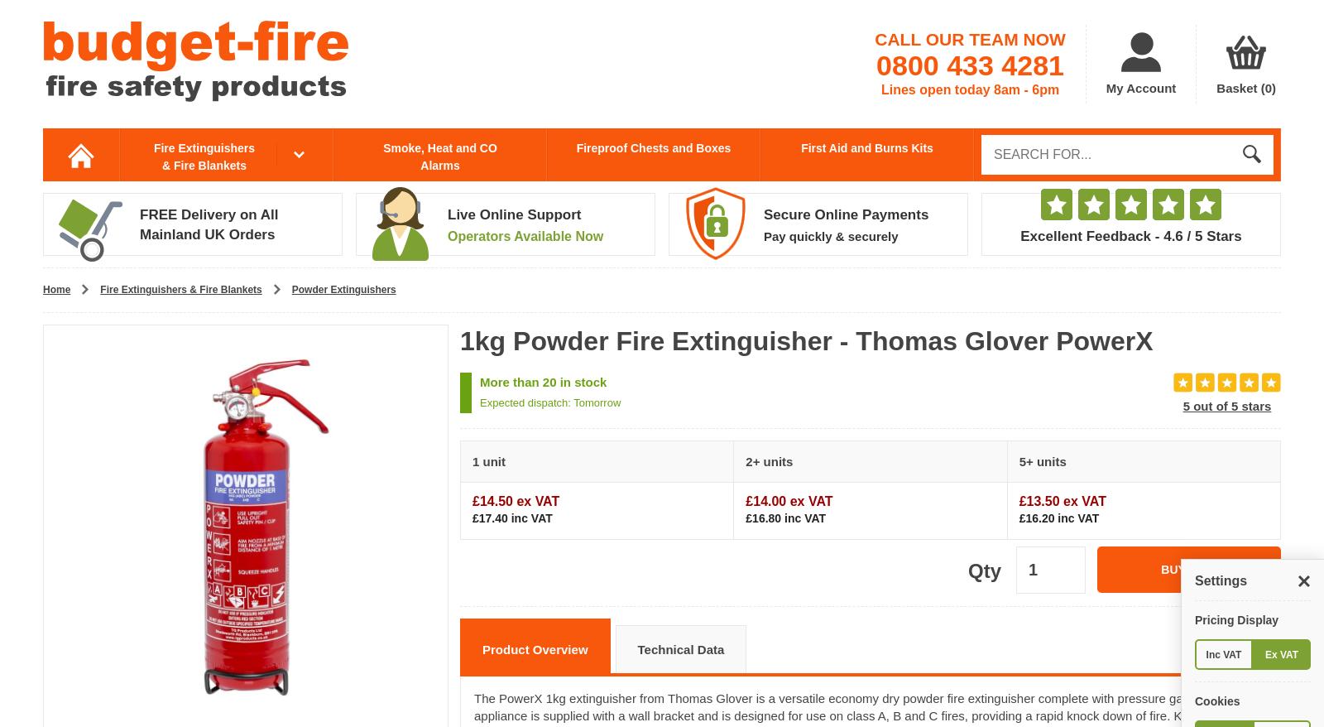 This screenshot has height=727, width=1324. I want to click on 'Water, water with additive & water mist extinguishers', so click(546, 267).